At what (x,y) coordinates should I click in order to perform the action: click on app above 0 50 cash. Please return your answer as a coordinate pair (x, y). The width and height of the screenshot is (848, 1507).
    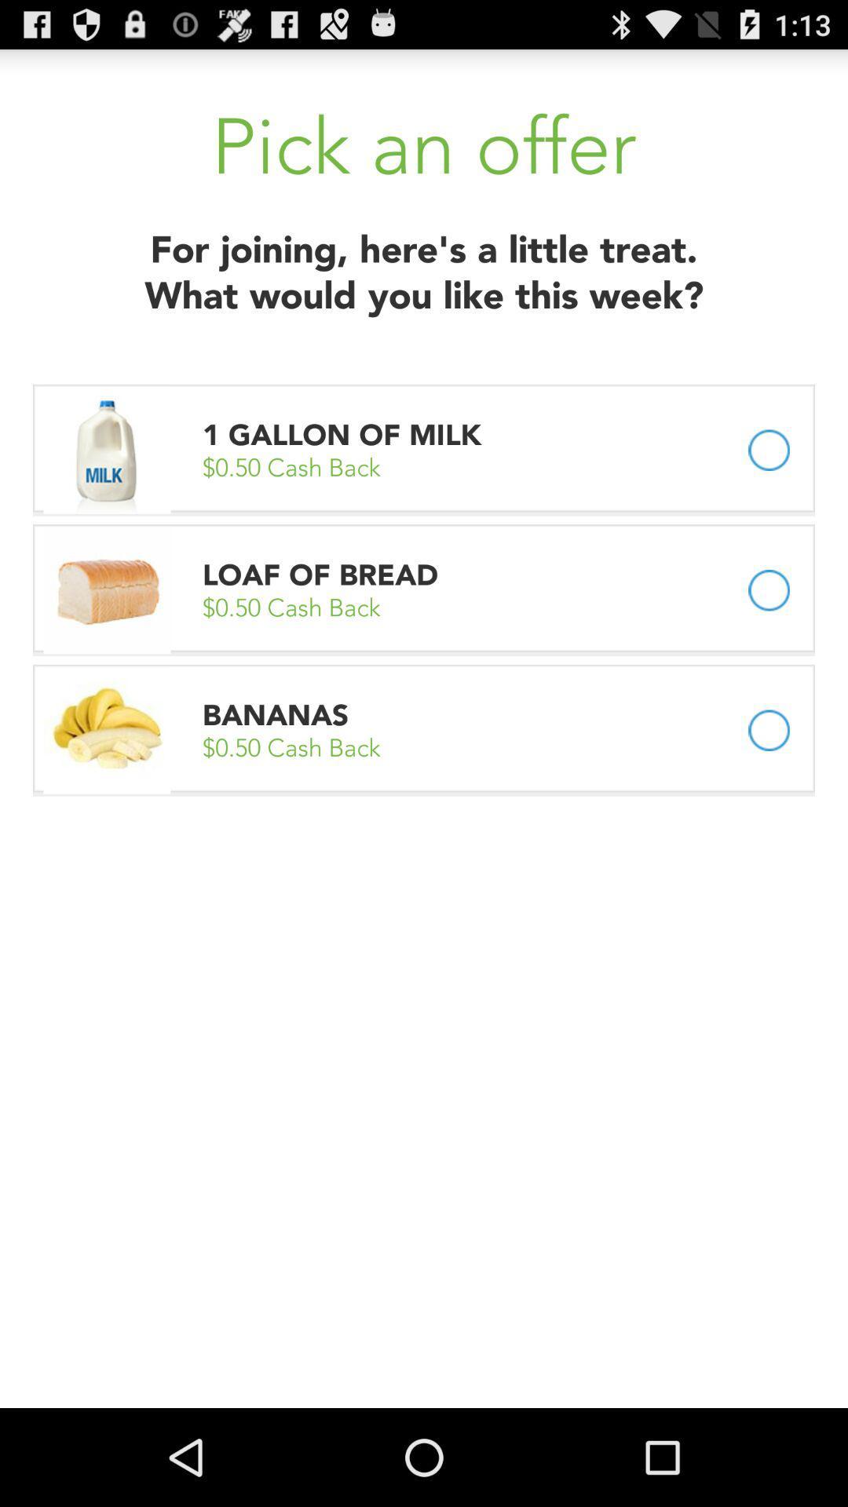
    Looking at the image, I should click on (345, 435).